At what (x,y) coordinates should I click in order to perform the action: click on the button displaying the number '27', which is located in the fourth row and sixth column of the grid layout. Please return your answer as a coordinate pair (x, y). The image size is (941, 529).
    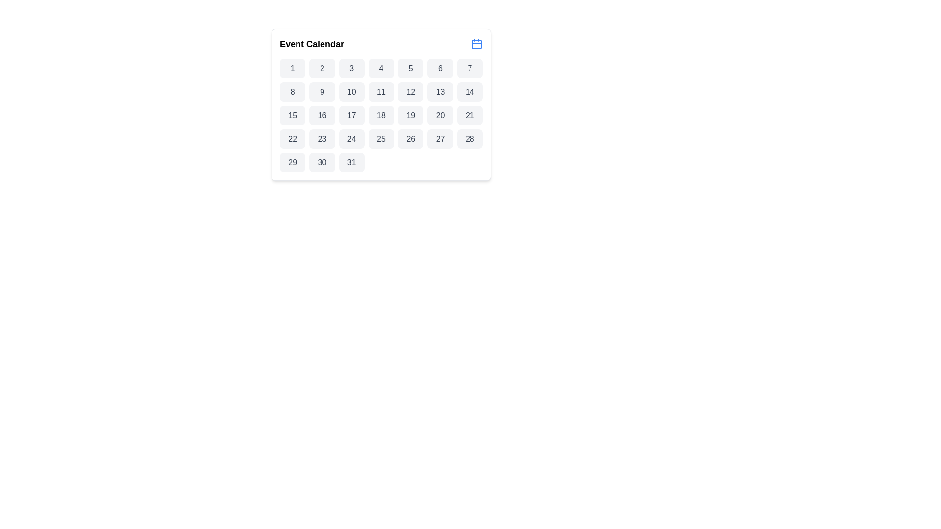
    Looking at the image, I should click on (440, 139).